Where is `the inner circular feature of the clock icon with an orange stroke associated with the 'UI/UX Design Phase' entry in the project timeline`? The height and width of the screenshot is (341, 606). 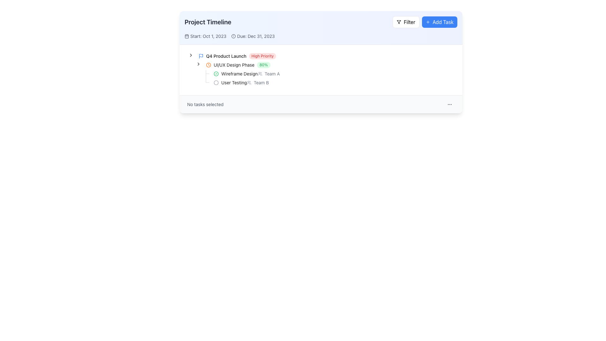 the inner circular feature of the clock icon with an orange stroke associated with the 'UI/UX Design Phase' entry in the project timeline is located at coordinates (209, 65).